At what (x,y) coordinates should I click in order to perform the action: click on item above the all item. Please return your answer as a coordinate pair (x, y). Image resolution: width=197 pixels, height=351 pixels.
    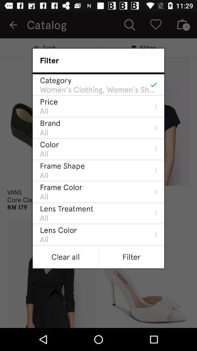
    Looking at the image, I should click on (66, 208).